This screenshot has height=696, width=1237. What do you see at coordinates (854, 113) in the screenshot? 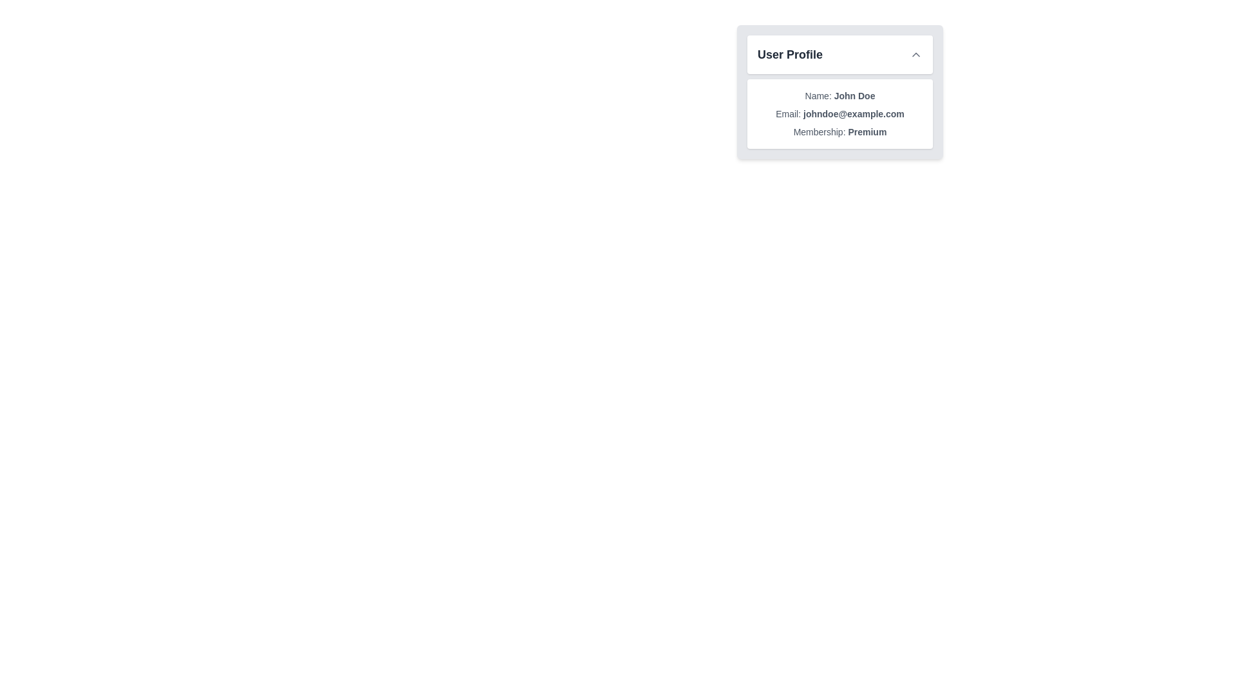
I see `the text display showing the email address 'johndoe@example.com', which is styled with a gray font and positioned next to the label 'Email:' in the user profile section` at bounding box center [854, 113].